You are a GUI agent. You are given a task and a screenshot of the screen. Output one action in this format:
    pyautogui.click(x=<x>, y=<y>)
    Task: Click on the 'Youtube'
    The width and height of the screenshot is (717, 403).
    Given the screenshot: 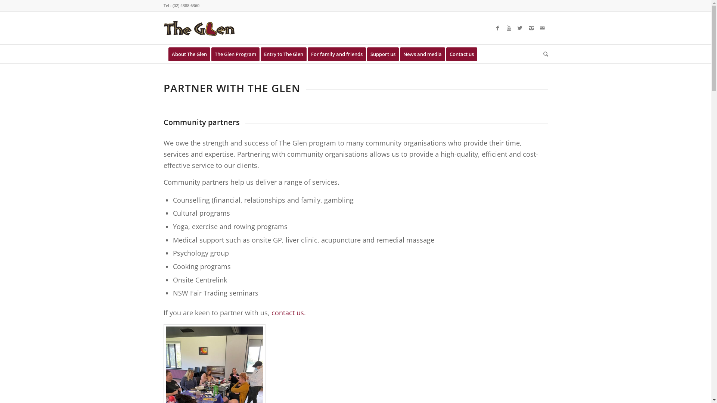 What is the action you would take?
    pyautogui.click(x=503, y=27)
    